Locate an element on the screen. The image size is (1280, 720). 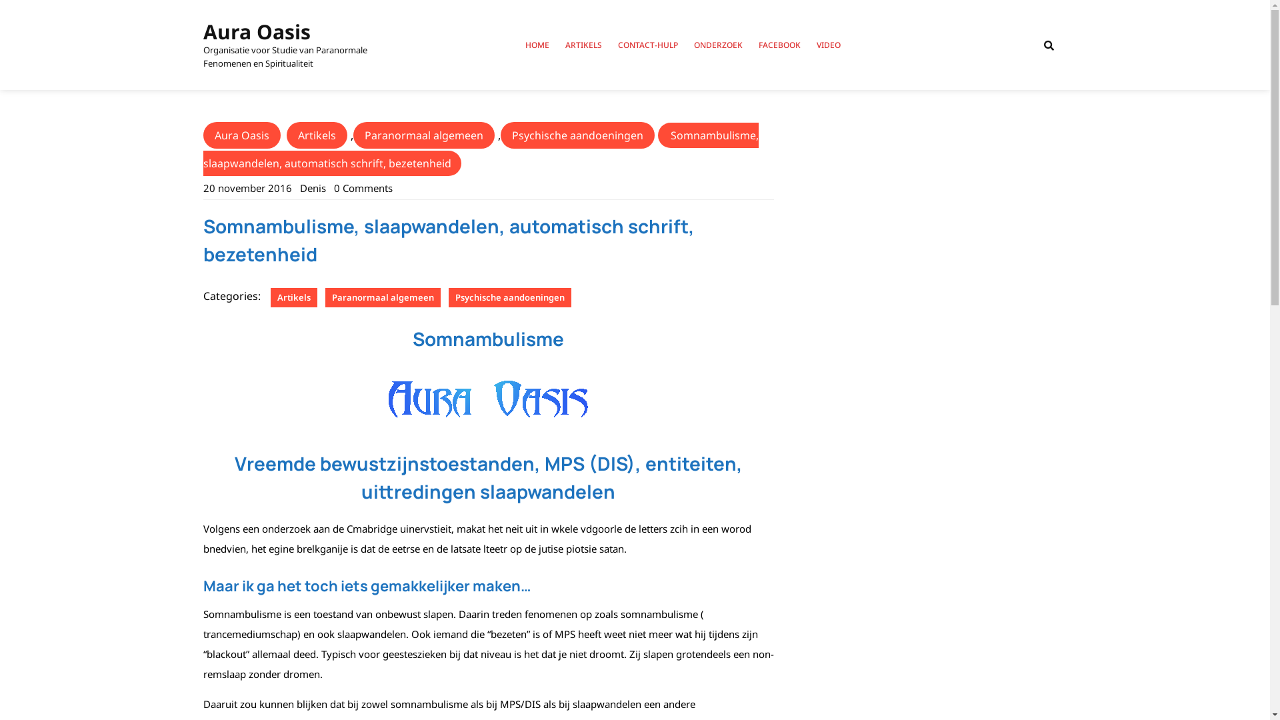
'Aura Oasis' is located at coordinates (241, 135).